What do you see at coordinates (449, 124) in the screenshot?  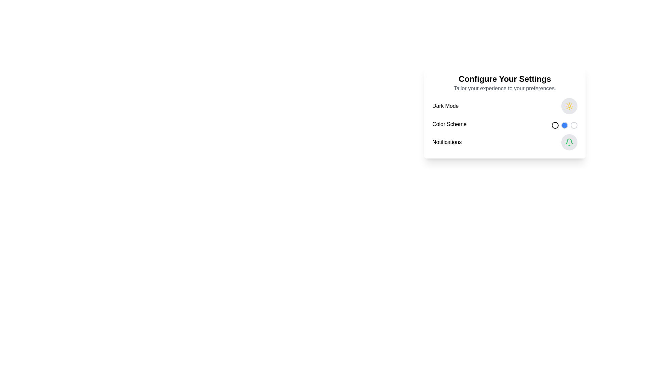 I see `the 'Color Scheme' label, which is styled with a medium-weight font and is located between the 'Dark Mode' and 'Notifications' labels in the settings configuration card` at bounding box center [449, 124].